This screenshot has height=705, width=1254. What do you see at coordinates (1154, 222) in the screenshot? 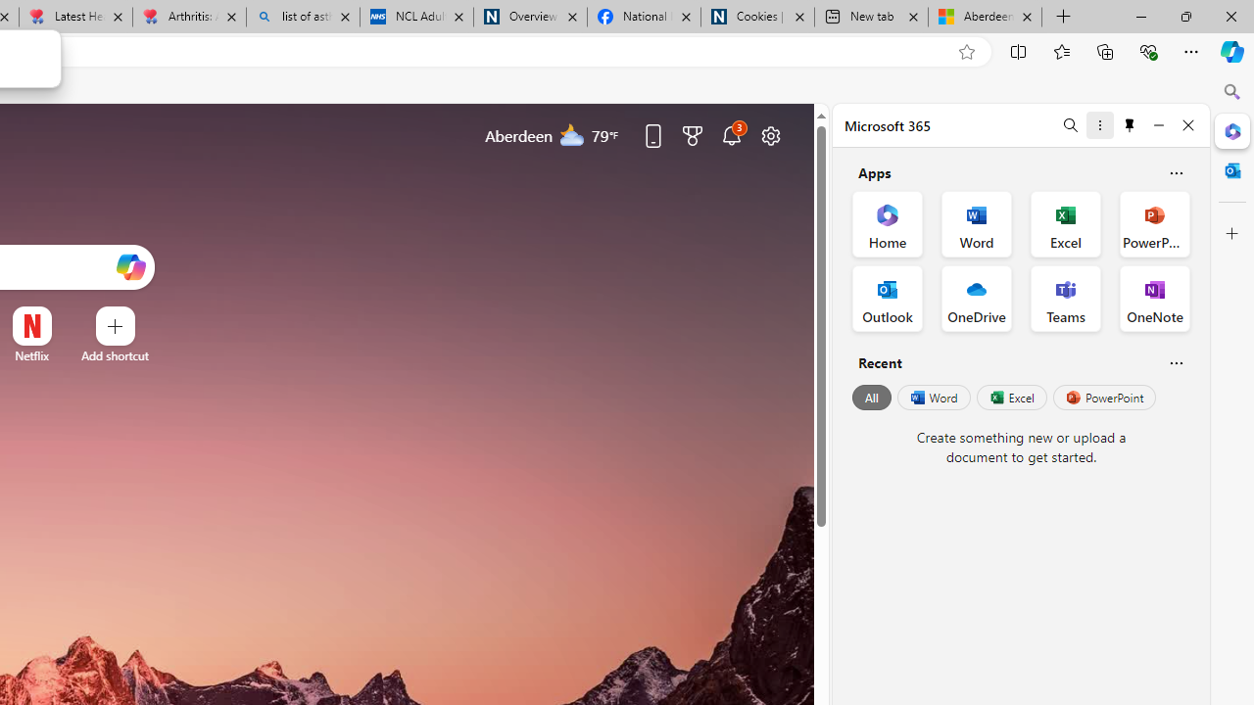
I see `'PowerPoint Office App'` at bounding box center [1154, 222].